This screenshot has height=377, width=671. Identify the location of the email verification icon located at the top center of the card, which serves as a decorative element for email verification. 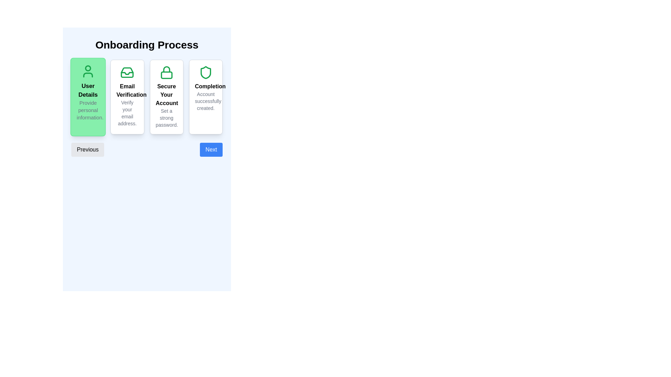
(127, 73).